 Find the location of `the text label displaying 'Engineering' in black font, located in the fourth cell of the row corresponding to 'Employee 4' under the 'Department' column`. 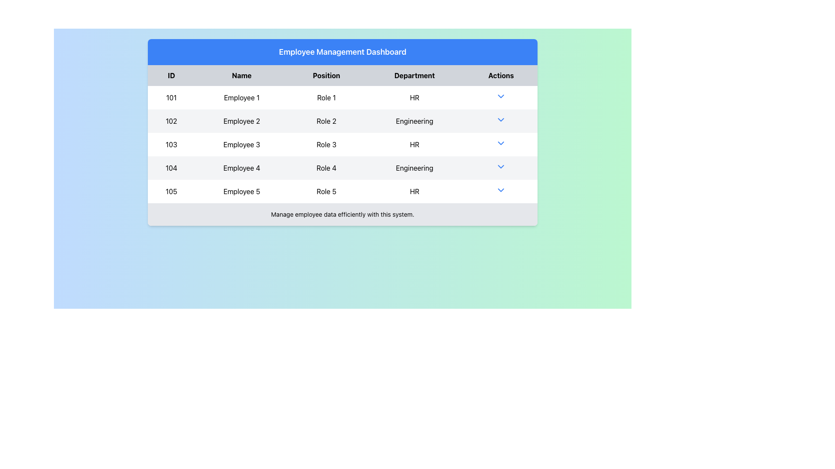

the text label displaying 'Engineering' in black font, located in the fourth cell of the row corresponding to 'Employee 4' under the 'Department' column is located at coordinates (414, 168).